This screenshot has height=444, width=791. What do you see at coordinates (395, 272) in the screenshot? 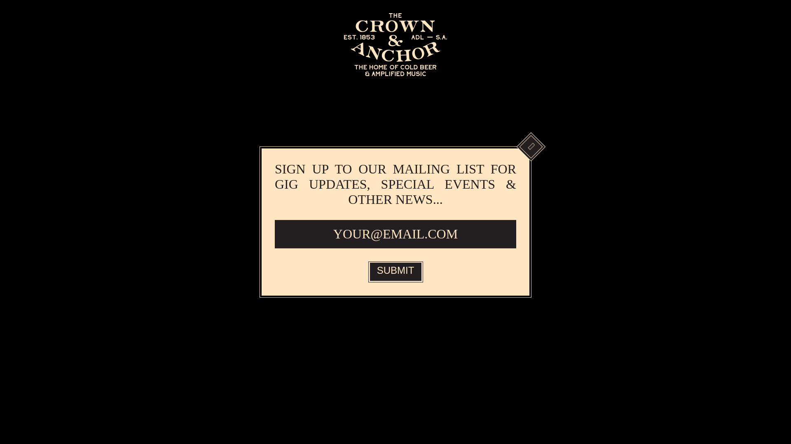
I see `'SUBMIT'` at bounding box center [395, 272].